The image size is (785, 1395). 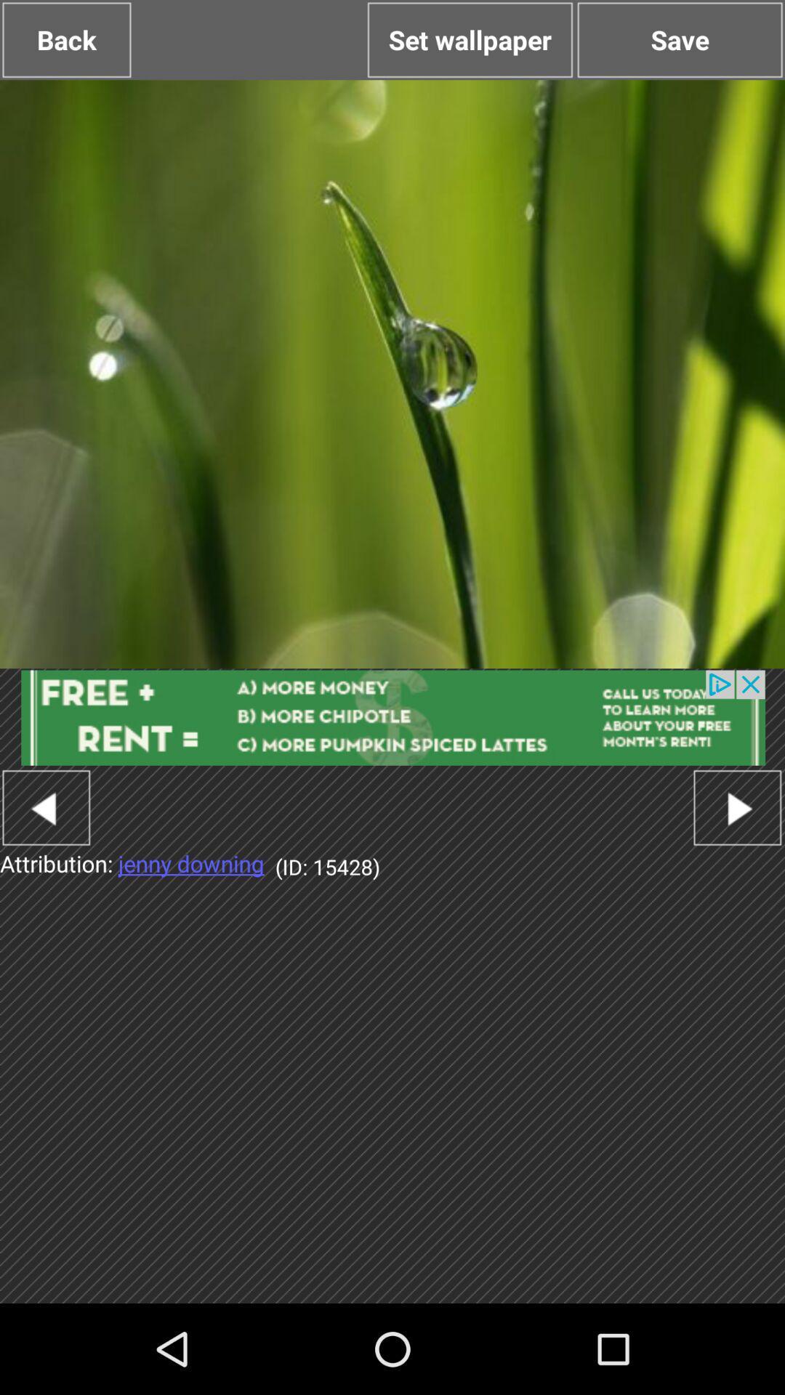 What do you see at coordinates (737, 806) in the screenshot?
I see `go next` at bounding box center [737, 806].